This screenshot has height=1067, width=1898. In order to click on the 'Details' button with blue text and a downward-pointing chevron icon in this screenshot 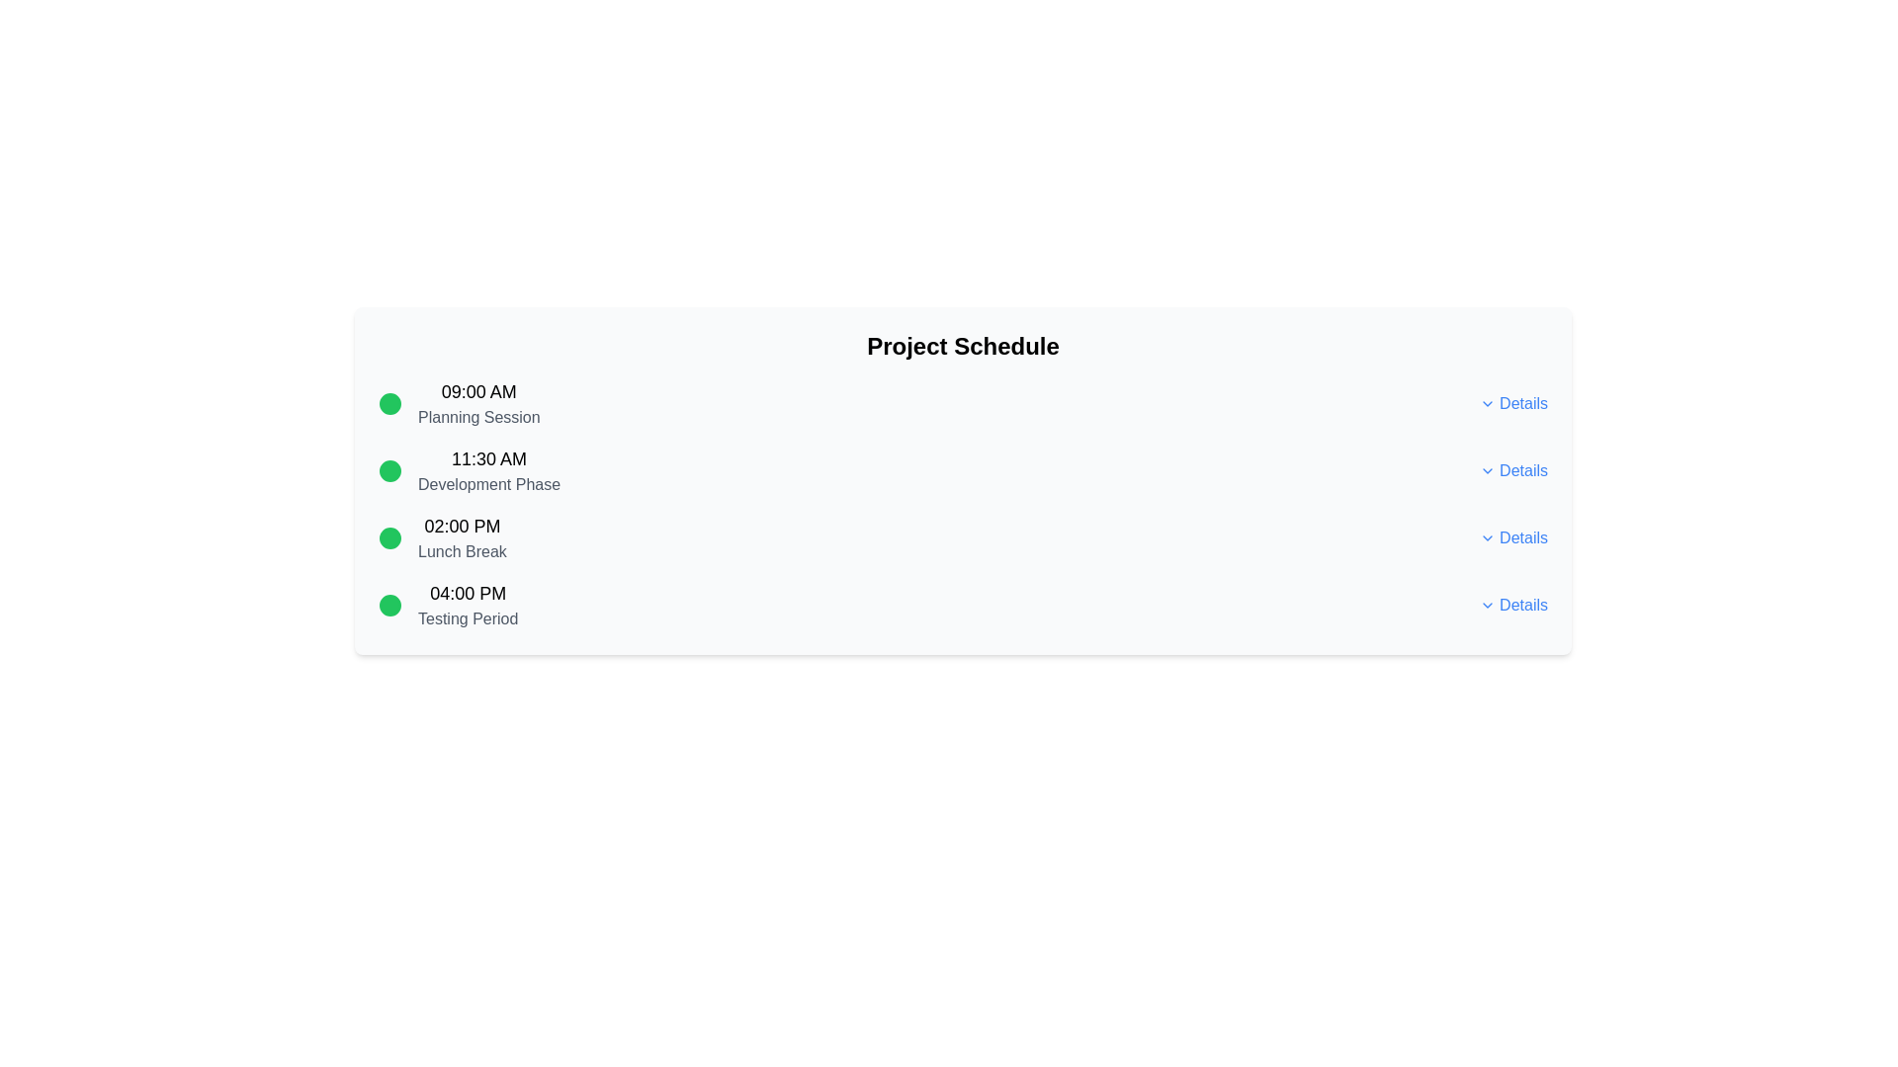, I will do `click(1512, 605)`.